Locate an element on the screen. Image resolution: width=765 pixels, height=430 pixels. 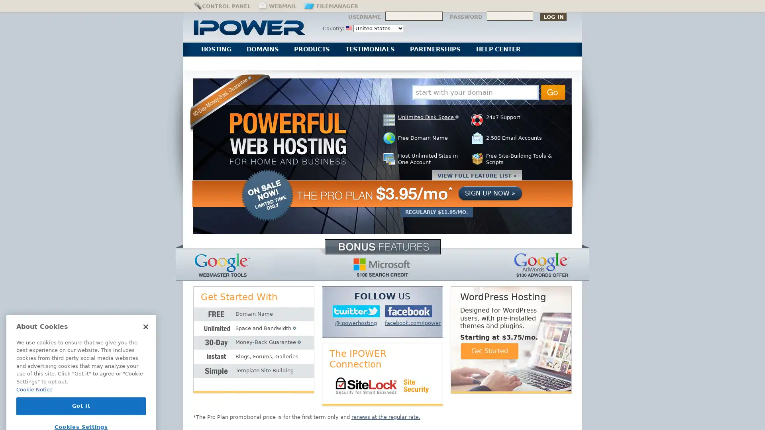
Close is located at coordinates (145, 298).